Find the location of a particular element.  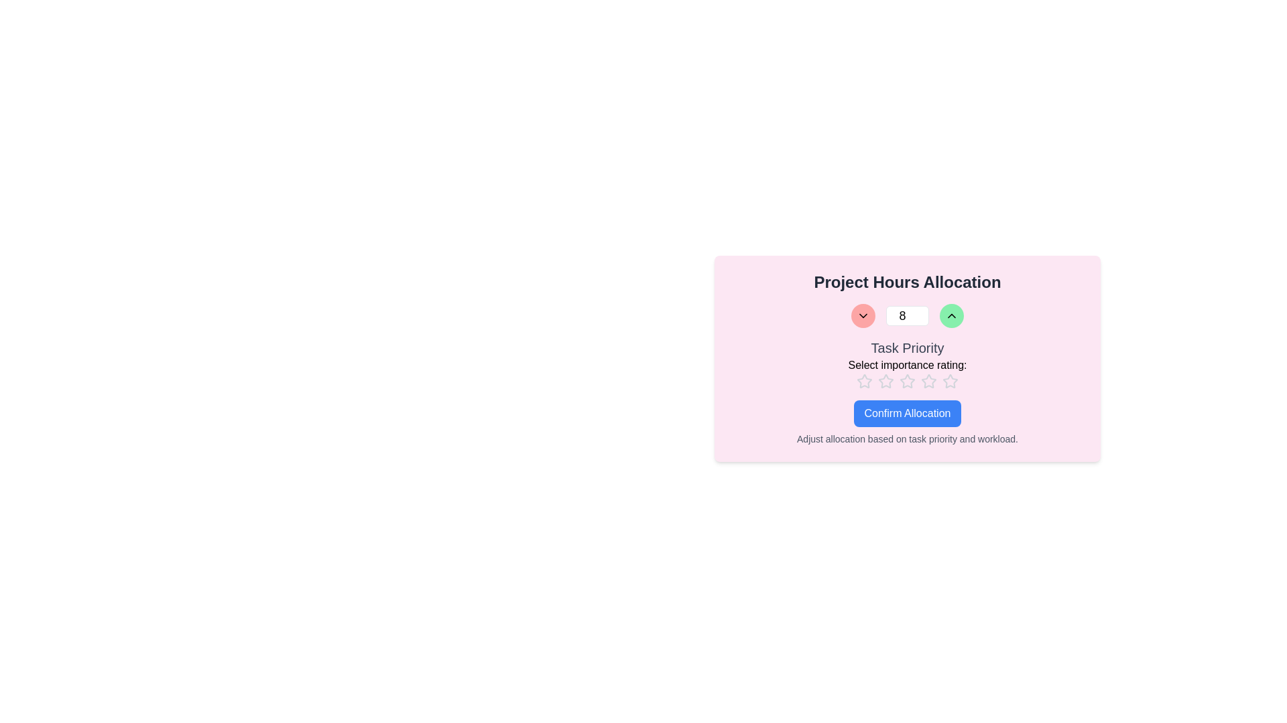

the fourth star icon in the rating system to rate it, which is outlined and light gray in color, located under the 'Select importance rating' label on the pink card is located at coordinates (949, 381).